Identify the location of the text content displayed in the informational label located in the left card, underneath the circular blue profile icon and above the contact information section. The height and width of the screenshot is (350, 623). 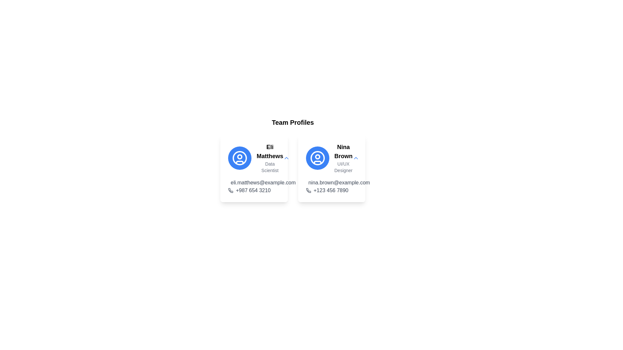
(270, 158).